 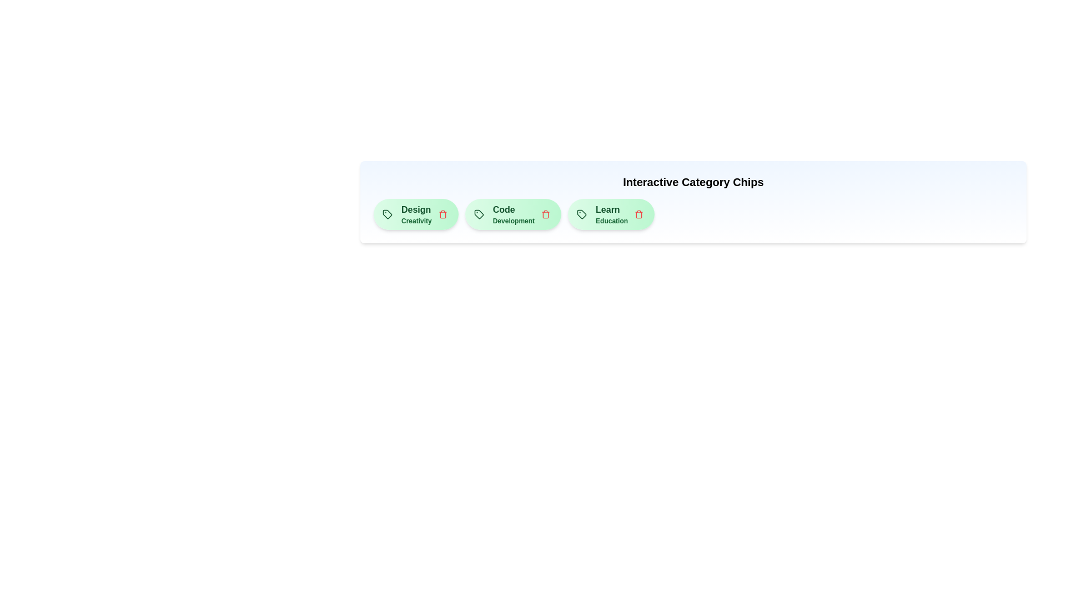 I want to click on the text of the chip labeled 'Design' to select it, so click(x=415, y=214).